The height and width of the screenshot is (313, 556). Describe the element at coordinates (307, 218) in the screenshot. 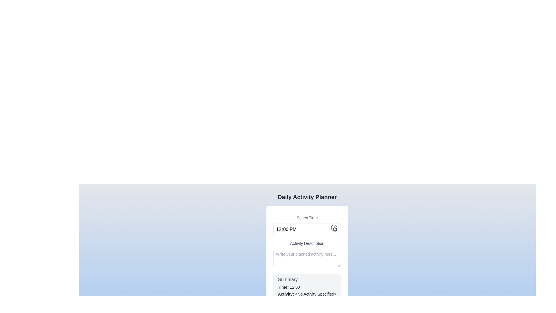

I see `text label that says 'Select Time', which is styled in a small serif font and located at the top of a card-like interface above the time input field` at that location.